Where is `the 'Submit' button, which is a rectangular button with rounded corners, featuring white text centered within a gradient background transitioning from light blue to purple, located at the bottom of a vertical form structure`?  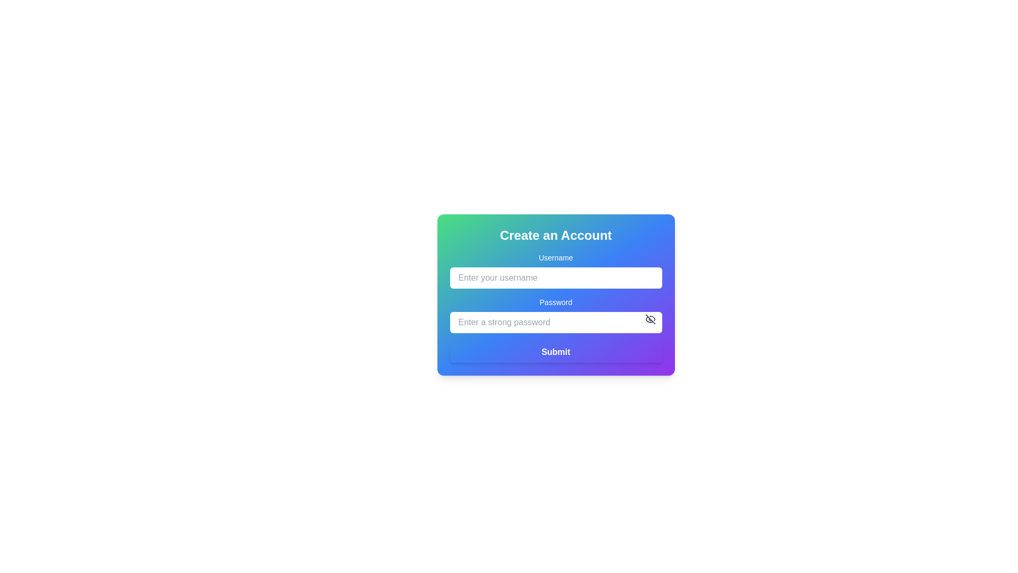
the 'Submit' button, which is a rectangular button with rounded corners, featuring white text centered within a gradient background transitioning from light blue to purple, located at the bottom of a vertical form structure is located at coordinates (555, 352).